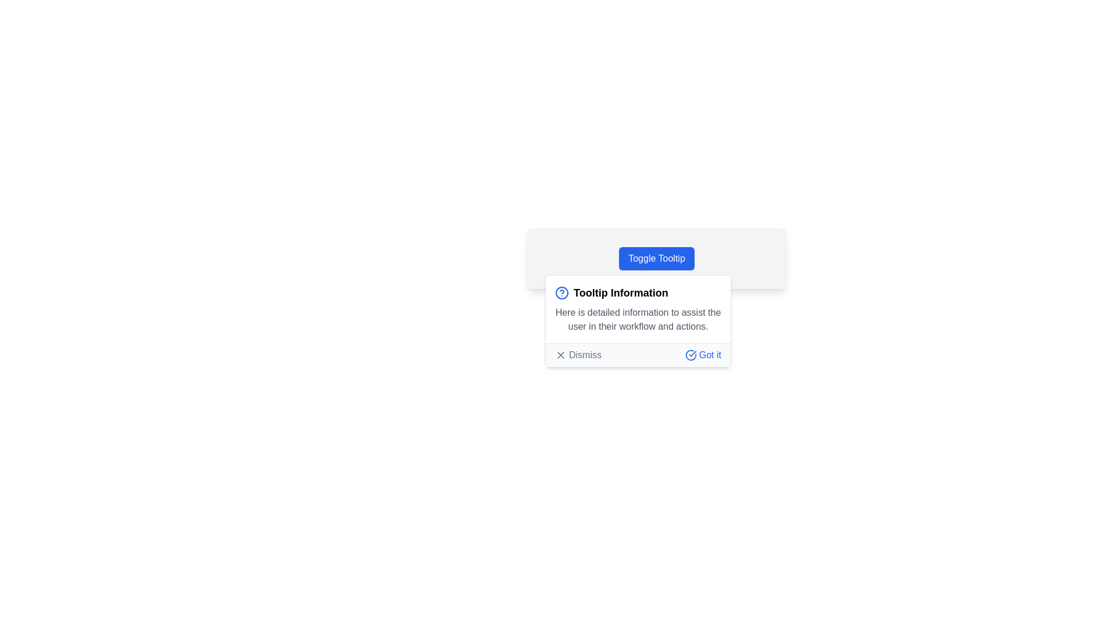  I want to click on inside the tooltip titled 'Tooltip Information' to copy the text content, so click(638, 309).